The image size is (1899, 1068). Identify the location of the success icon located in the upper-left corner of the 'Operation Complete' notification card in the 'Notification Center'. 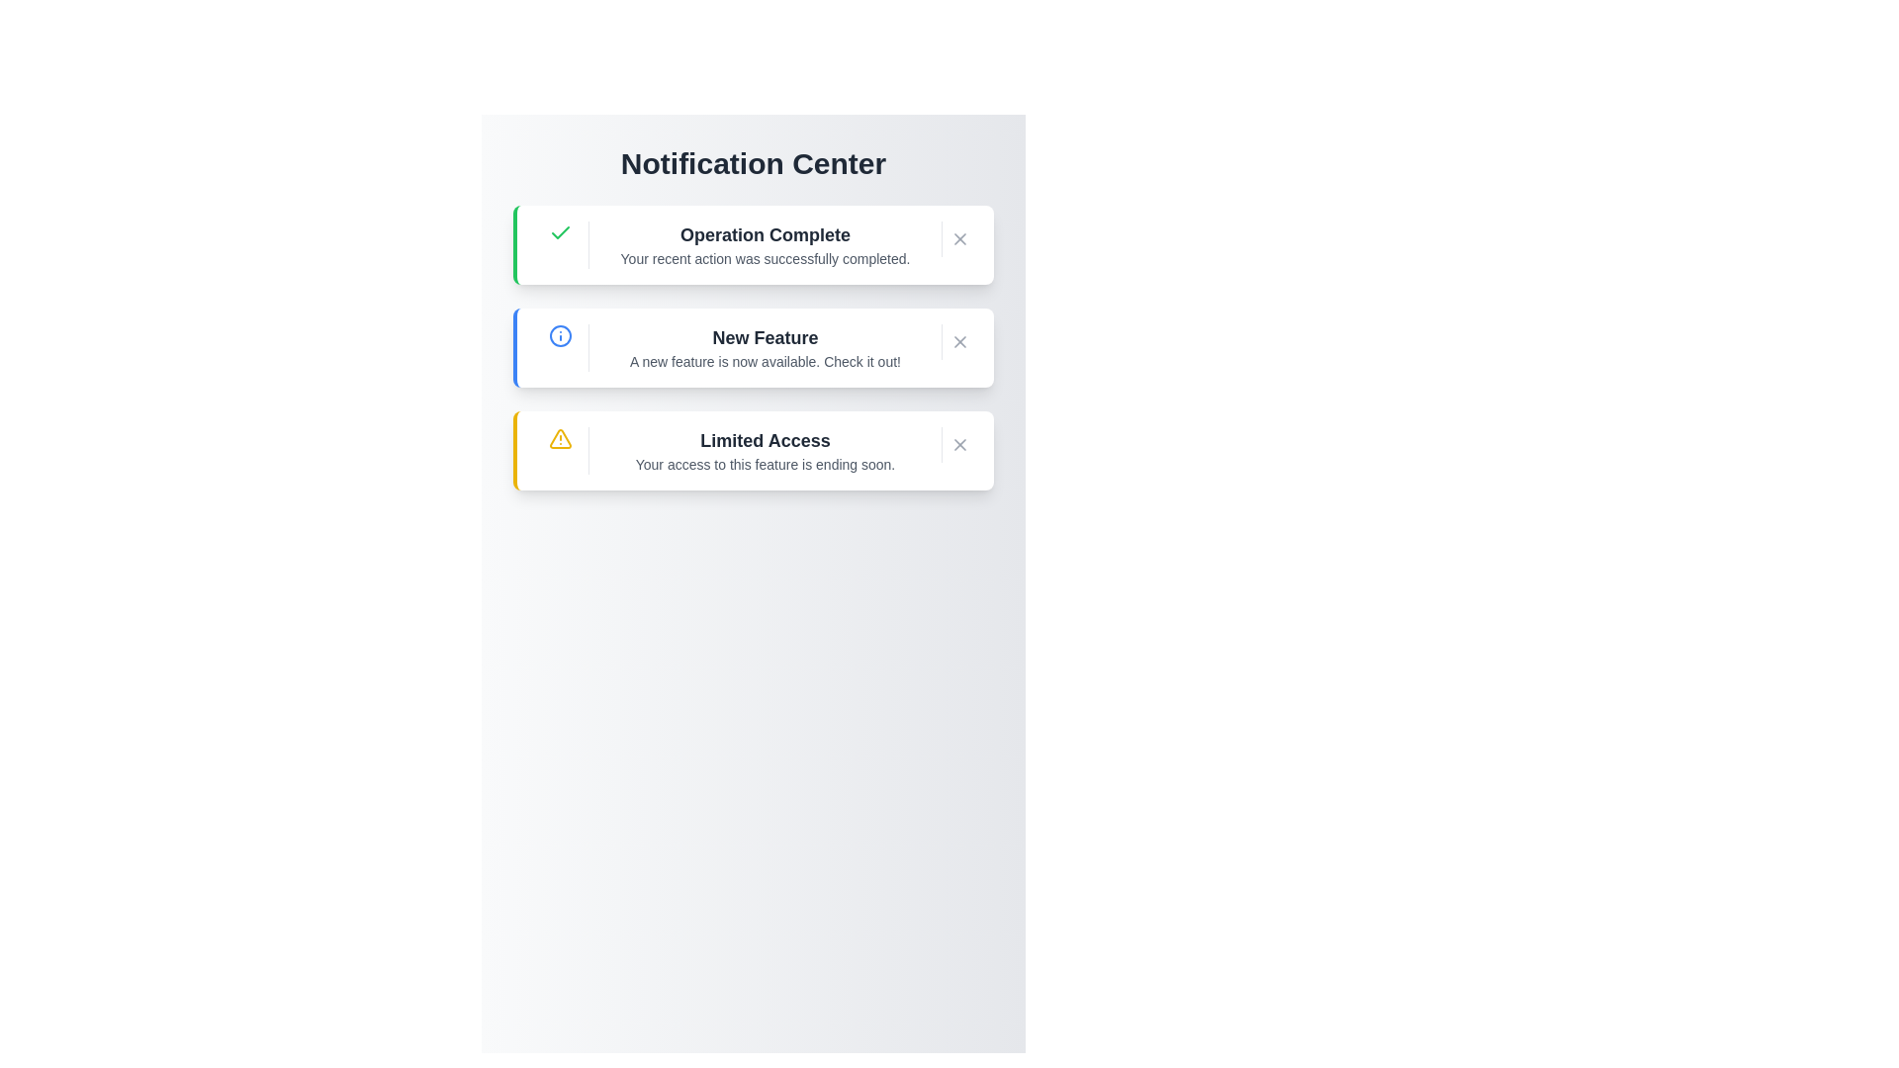
(559, 231).